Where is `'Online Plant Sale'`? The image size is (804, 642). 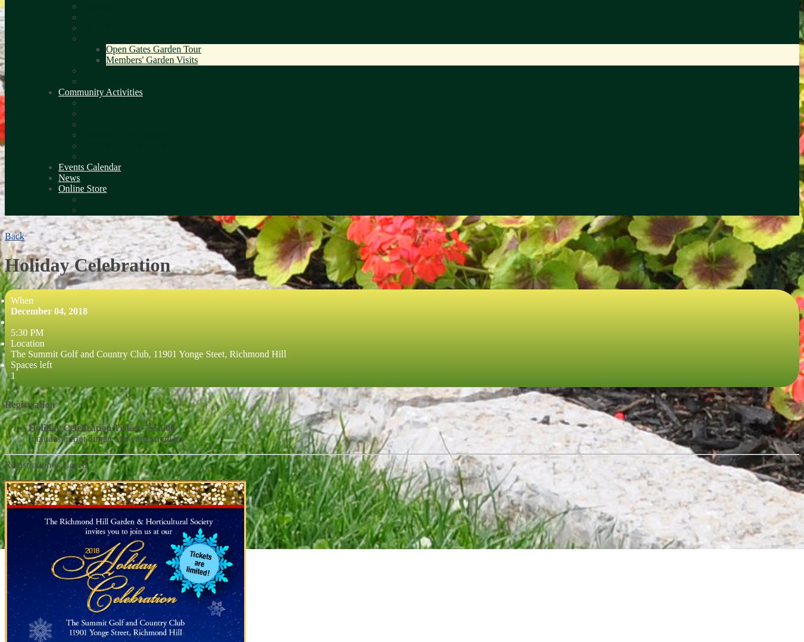
'Online Plant Sale' is located at coordinates (82, 198).